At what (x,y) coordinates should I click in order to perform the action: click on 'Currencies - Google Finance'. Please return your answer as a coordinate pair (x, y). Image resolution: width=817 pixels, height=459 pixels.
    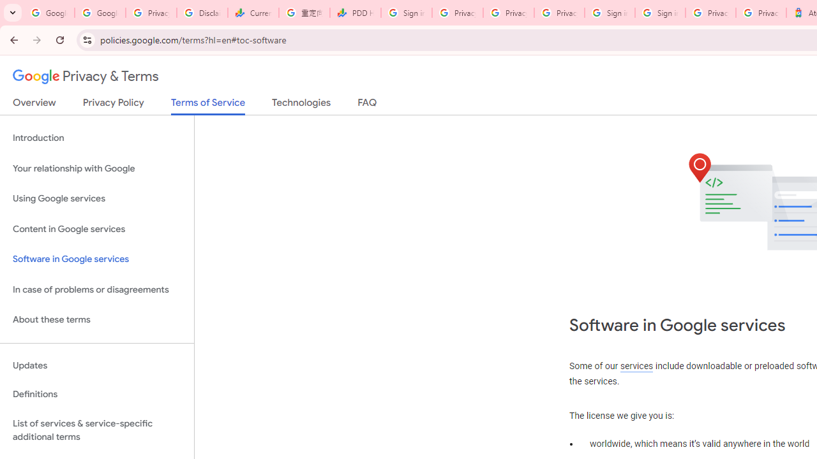
    Looking at the image, I should click on (253, 13).